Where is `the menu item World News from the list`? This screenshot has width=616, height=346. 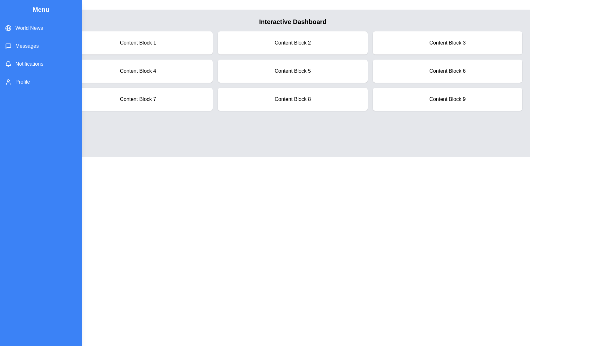 the menu item World News from the list is located at coordinates (41, 28).